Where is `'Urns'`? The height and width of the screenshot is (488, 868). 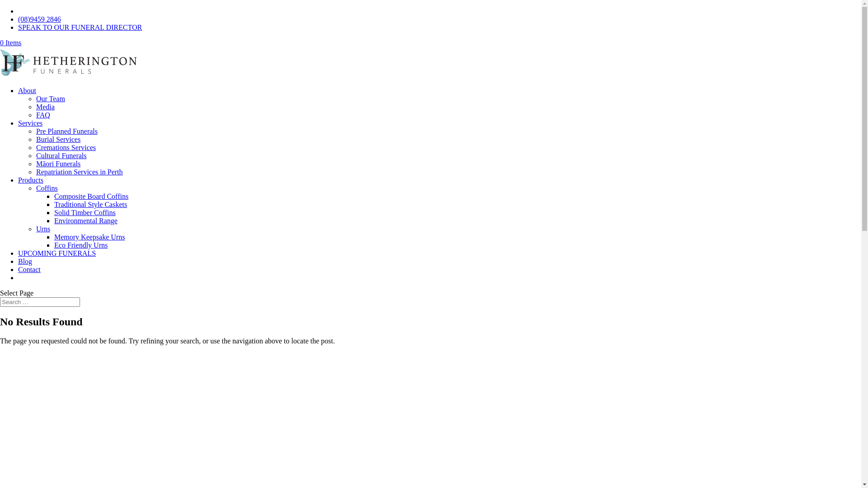
'Urns' is located at coordinates (42, 228).